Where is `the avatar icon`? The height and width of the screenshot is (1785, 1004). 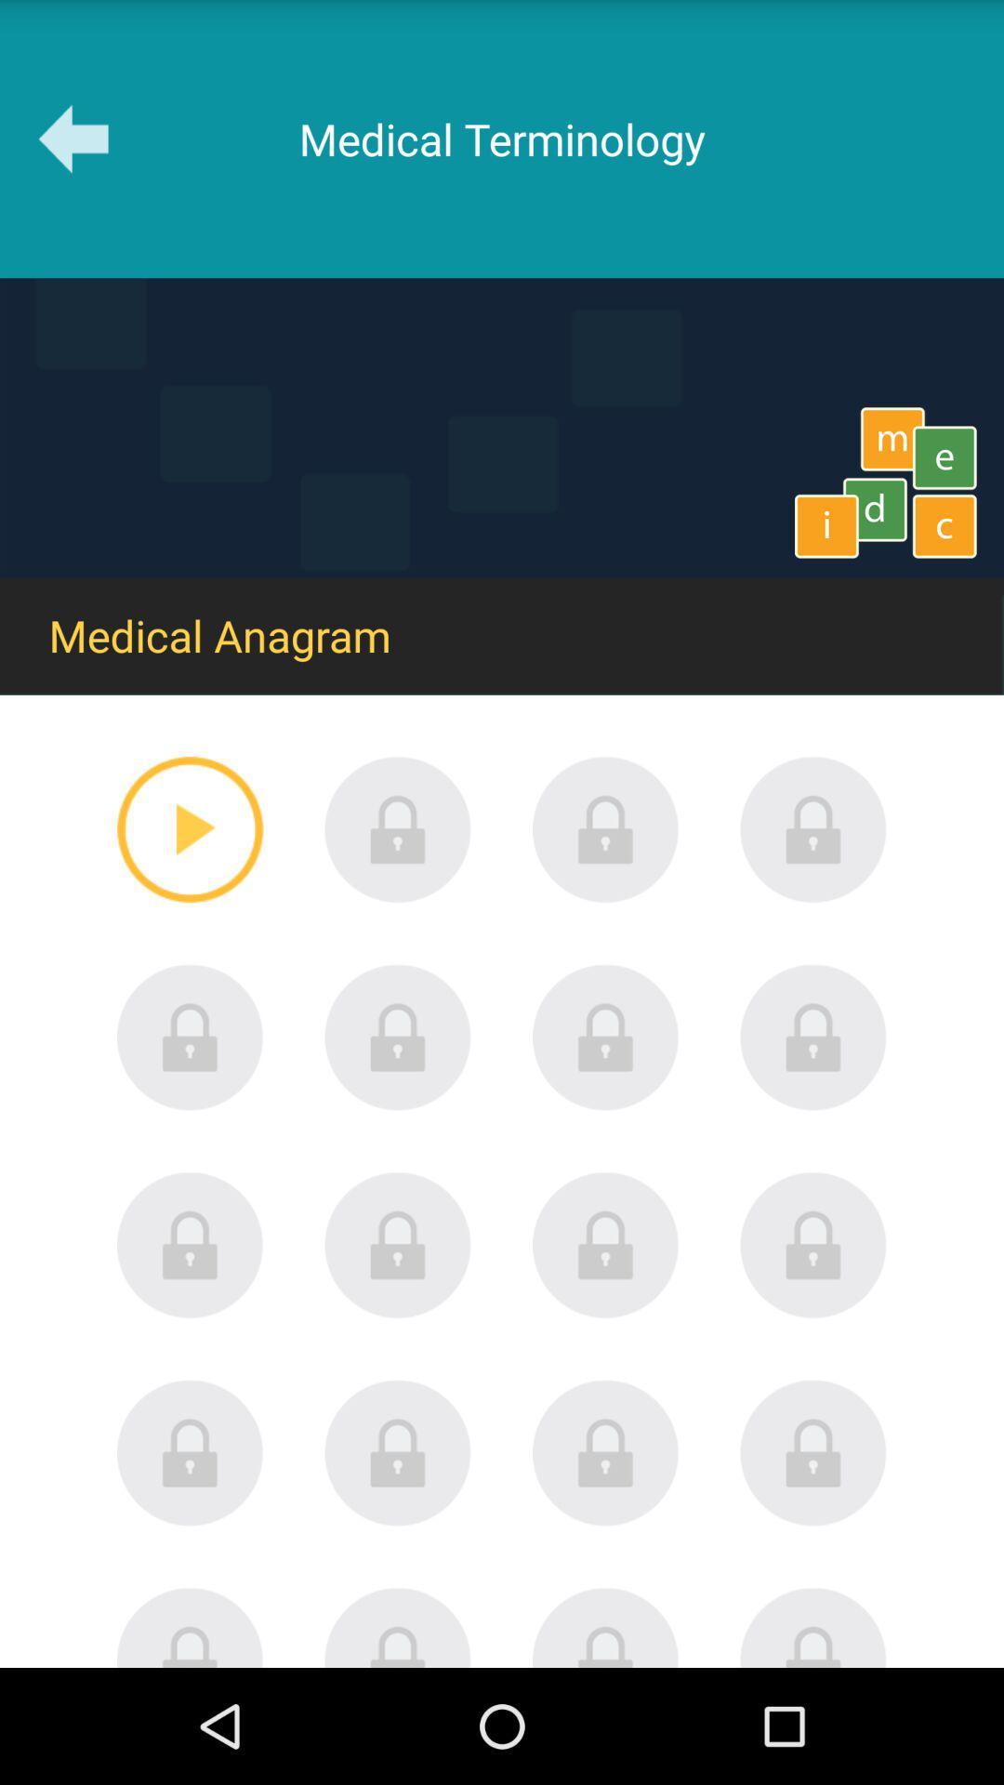 the avatar icon is located at coordinates (812, 1740).